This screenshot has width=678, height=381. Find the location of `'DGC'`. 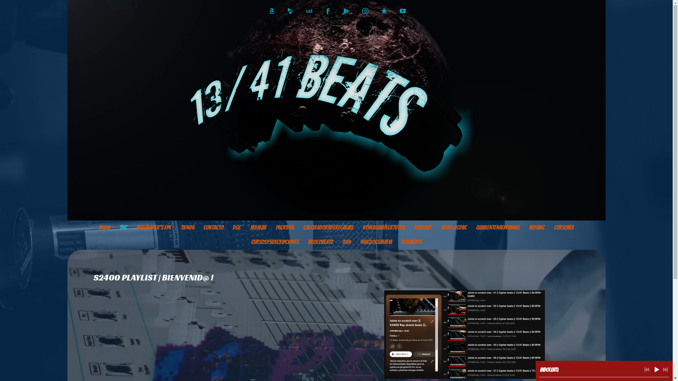

'DGC' is located at coordinates (237, 228).